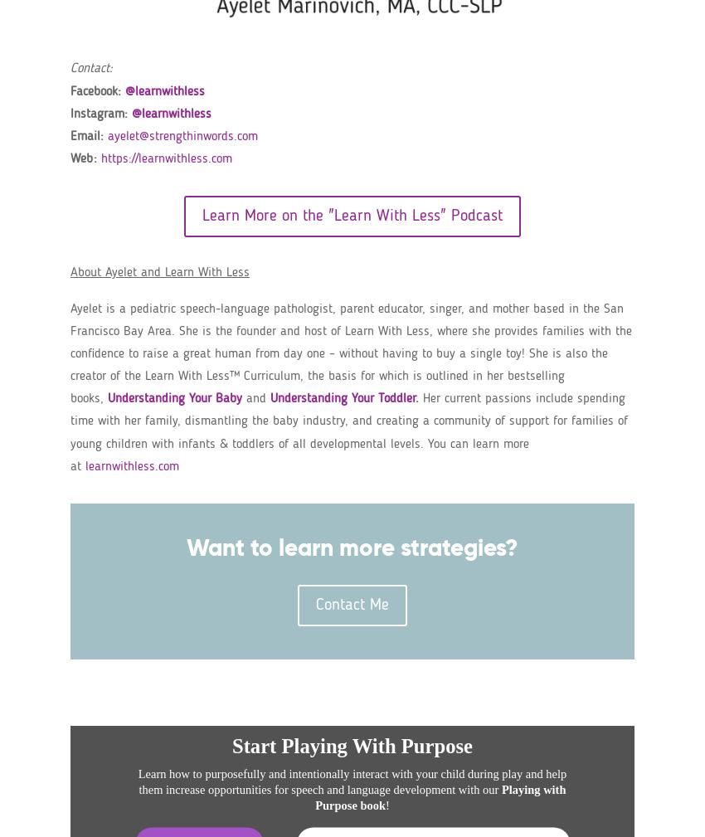 This screenshot has width=705, height=837. Describe the element at coordinates (70, 113) in the screenshot. I see `'Instagram:'` at that location.